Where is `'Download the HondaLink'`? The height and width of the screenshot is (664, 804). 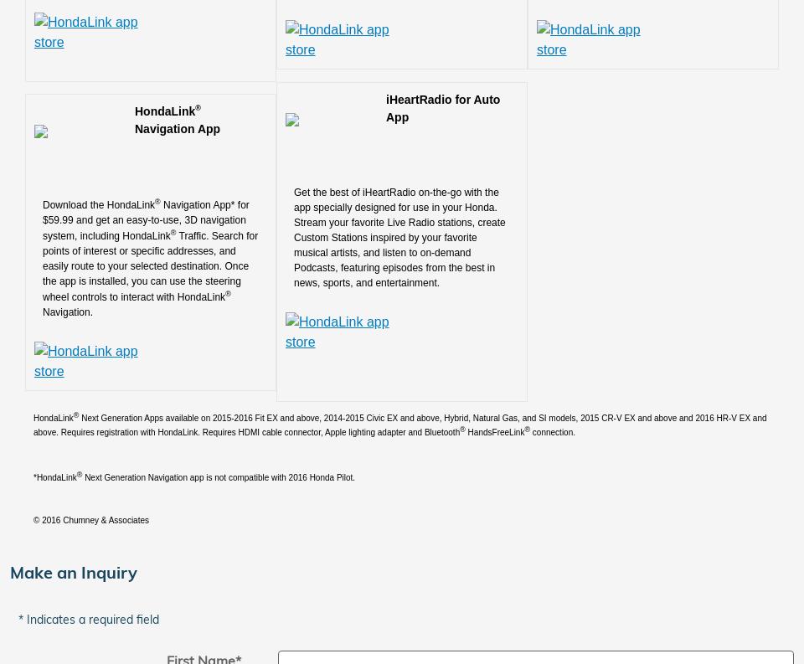 'Download the HondaLink' is located at coordinates (98, 204).